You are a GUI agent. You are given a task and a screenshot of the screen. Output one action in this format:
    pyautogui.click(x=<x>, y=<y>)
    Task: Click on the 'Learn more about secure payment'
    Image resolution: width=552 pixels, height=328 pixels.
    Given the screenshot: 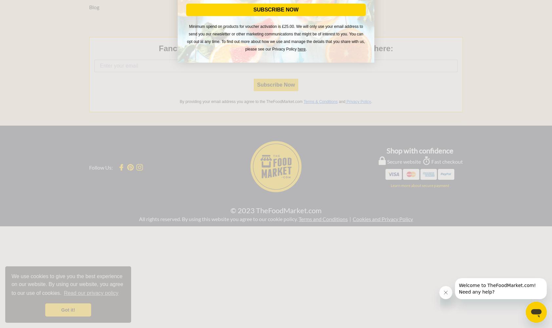 What is the action you would take?
    pyautogui.click(x=419, y=185)
    